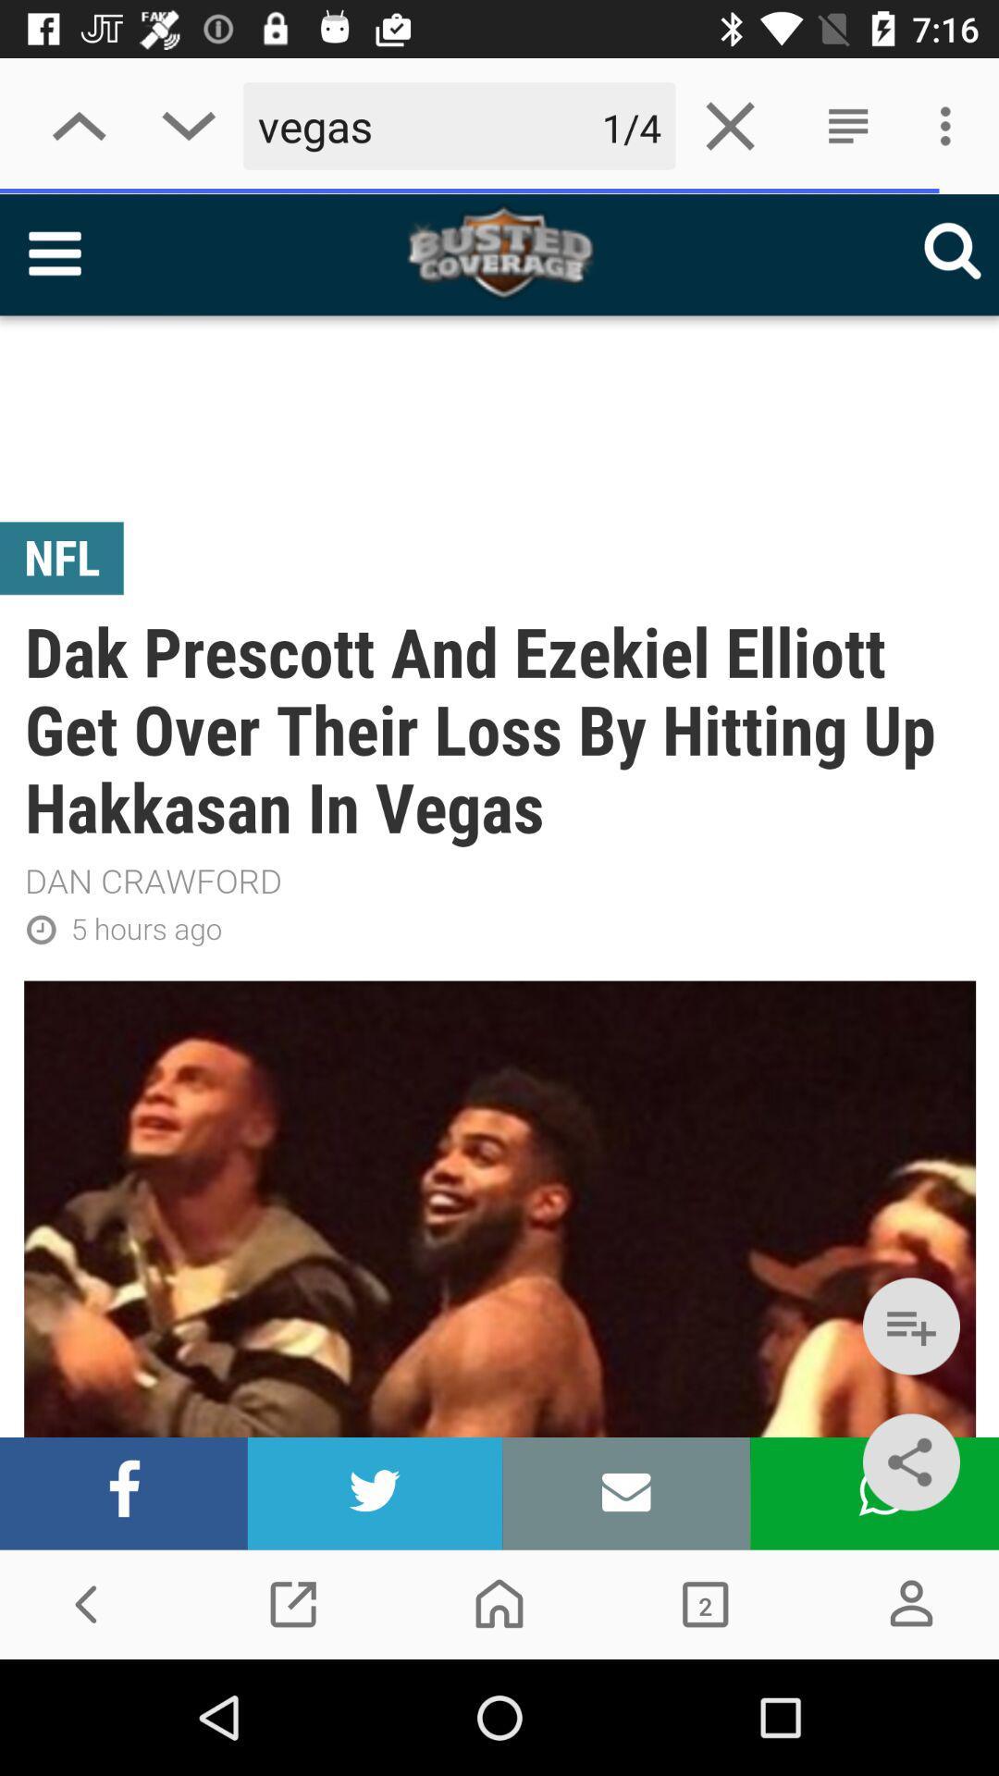 The image size is (999, 1776). I want to click on the arrow_backward icon, so click(87, 1603).